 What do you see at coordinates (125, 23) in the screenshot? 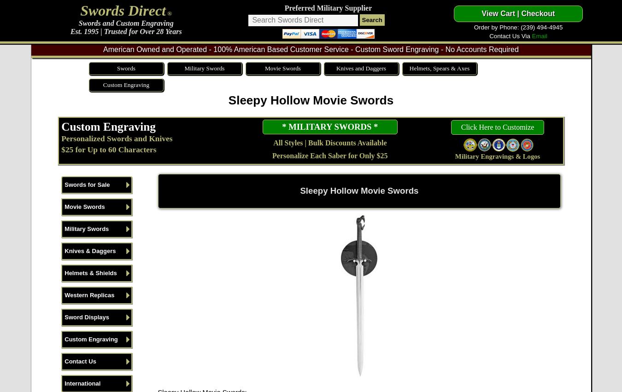
I see `'Swords and Custom Engraving'` at bounding box center [125, 23].